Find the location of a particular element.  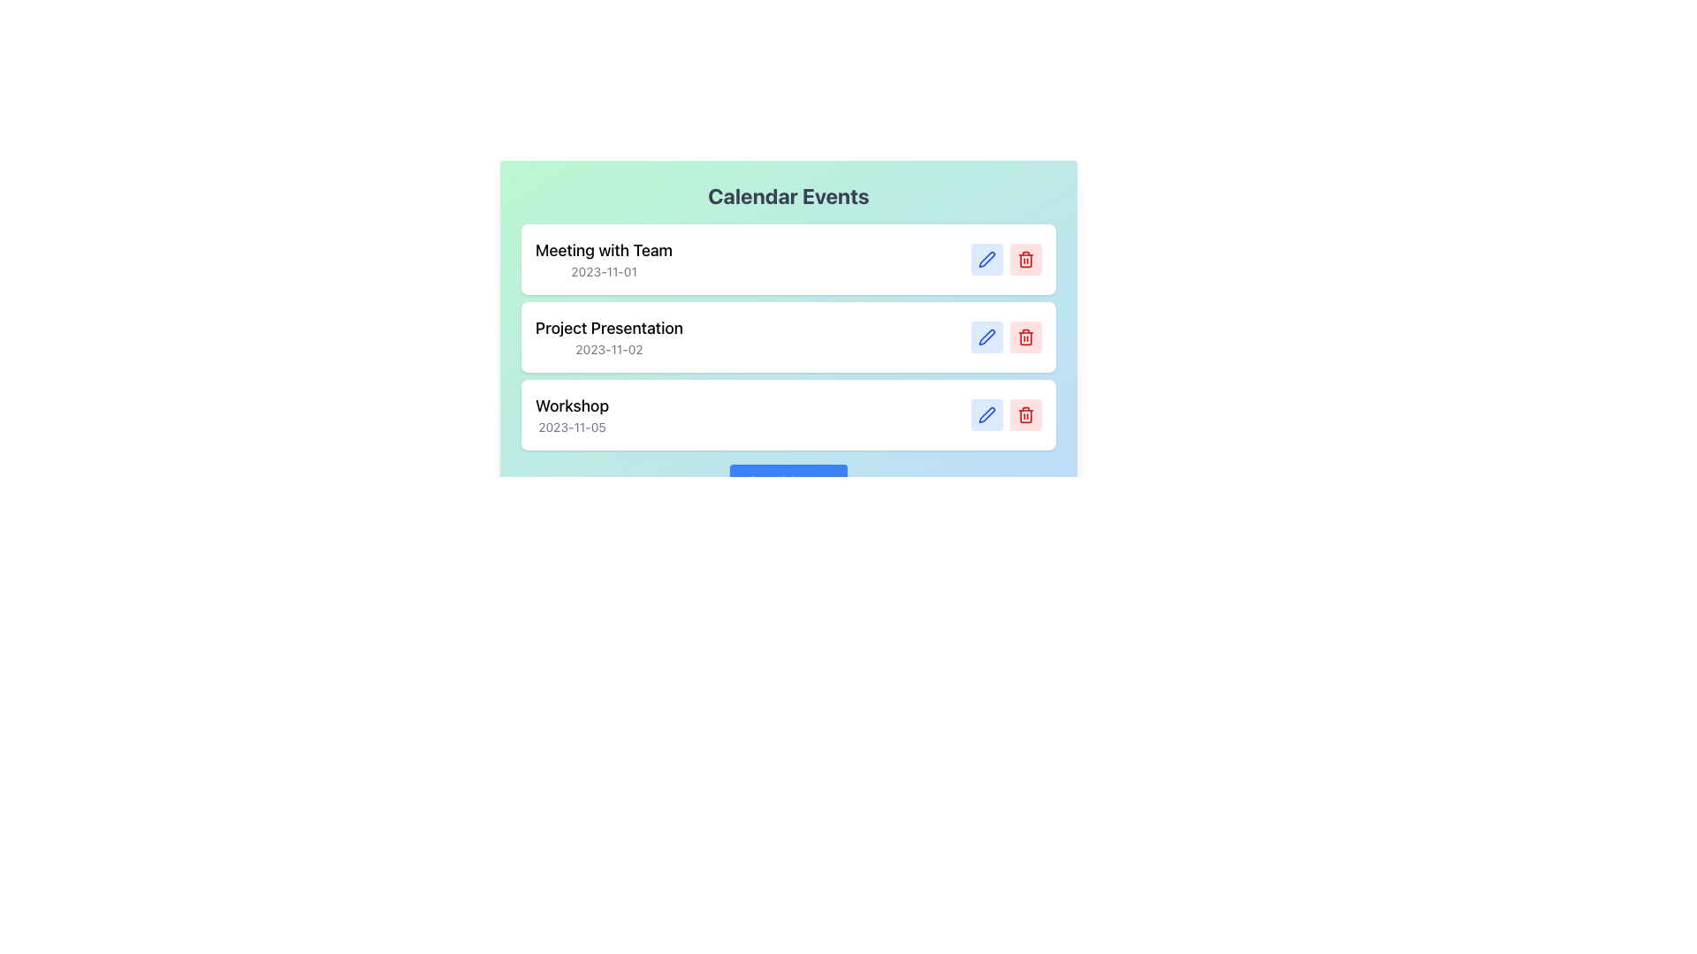

the 'Add Event' button located at the bottom of the 'Calendar Events' section to observe styling changes is located at coordinates (788, 482).